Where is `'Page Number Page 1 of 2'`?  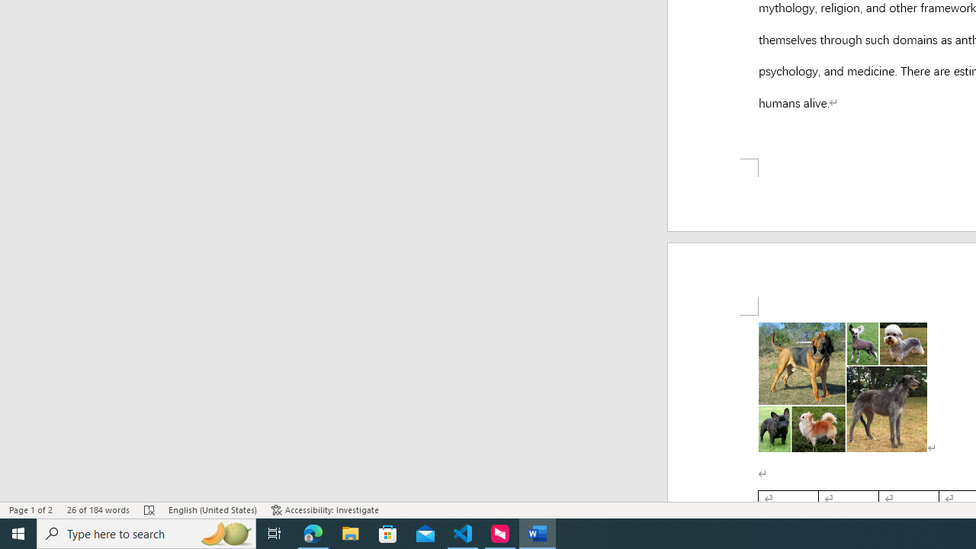 'Page Number Page 1 of 2' is located at coordinates (30, 510).